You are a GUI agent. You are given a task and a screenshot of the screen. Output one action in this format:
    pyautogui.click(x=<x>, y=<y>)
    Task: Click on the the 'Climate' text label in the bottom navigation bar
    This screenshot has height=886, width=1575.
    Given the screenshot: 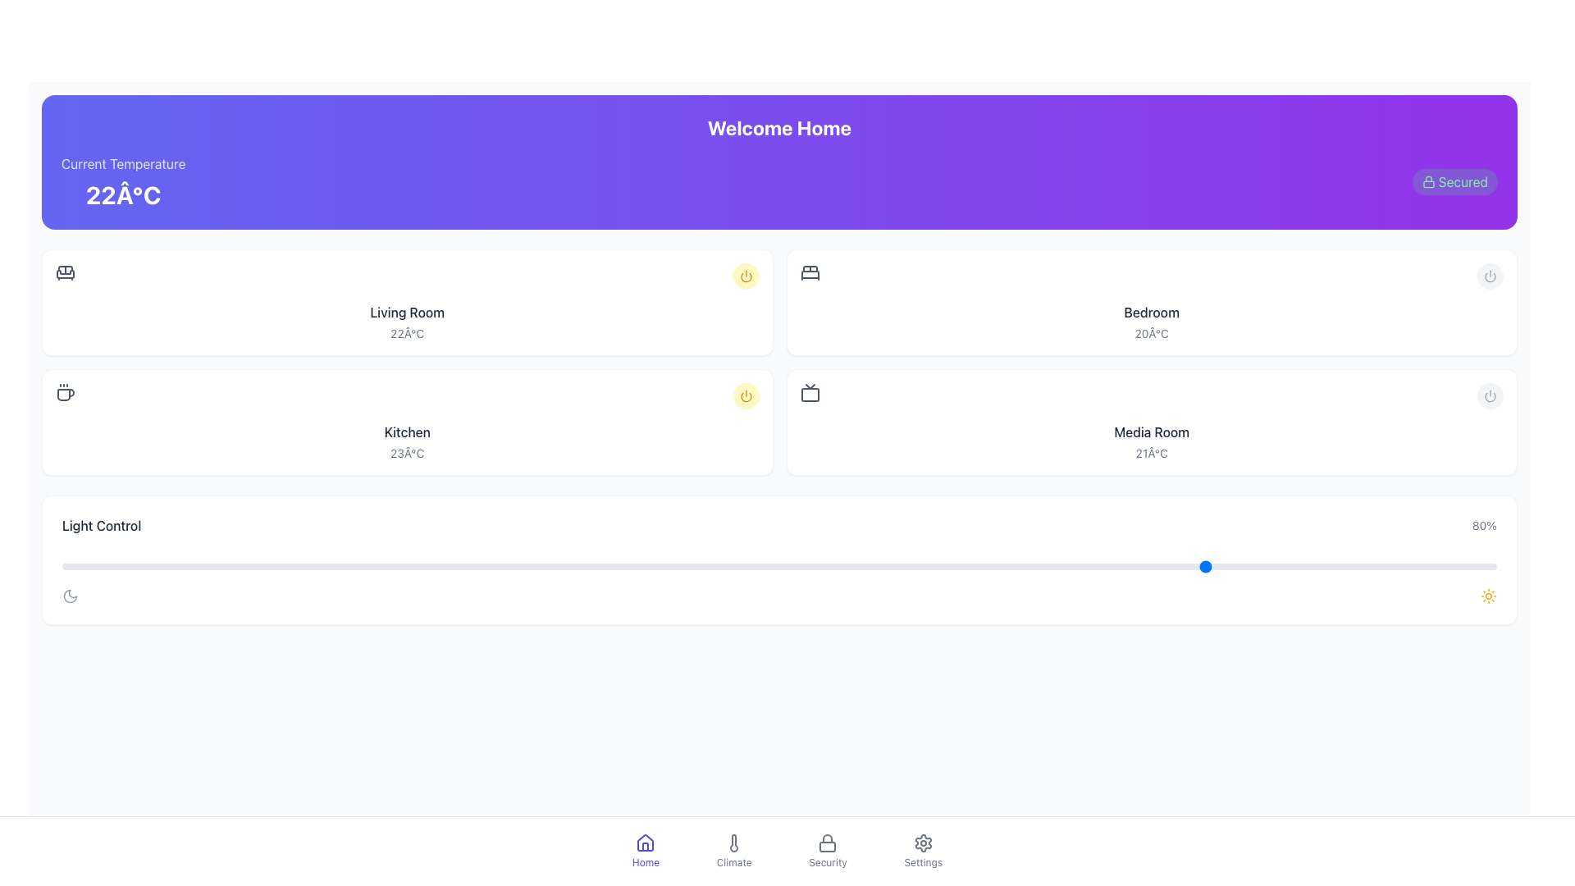 What is the action you would take?
    pyautogui.click(x=733, y=862)
    